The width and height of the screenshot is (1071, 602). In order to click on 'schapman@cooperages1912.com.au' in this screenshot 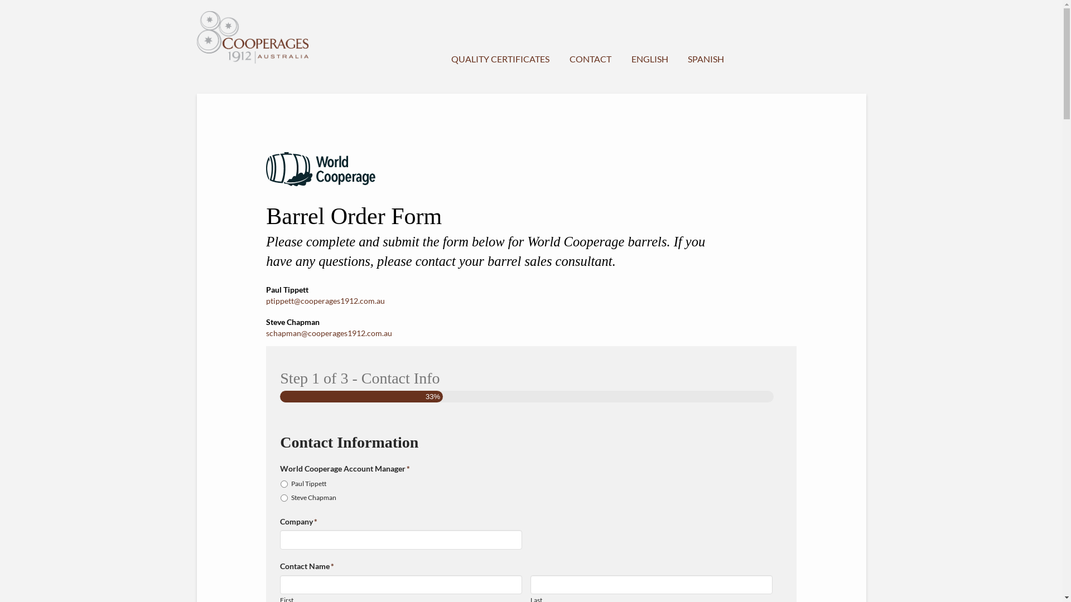, I will do `click(329, 332)`.